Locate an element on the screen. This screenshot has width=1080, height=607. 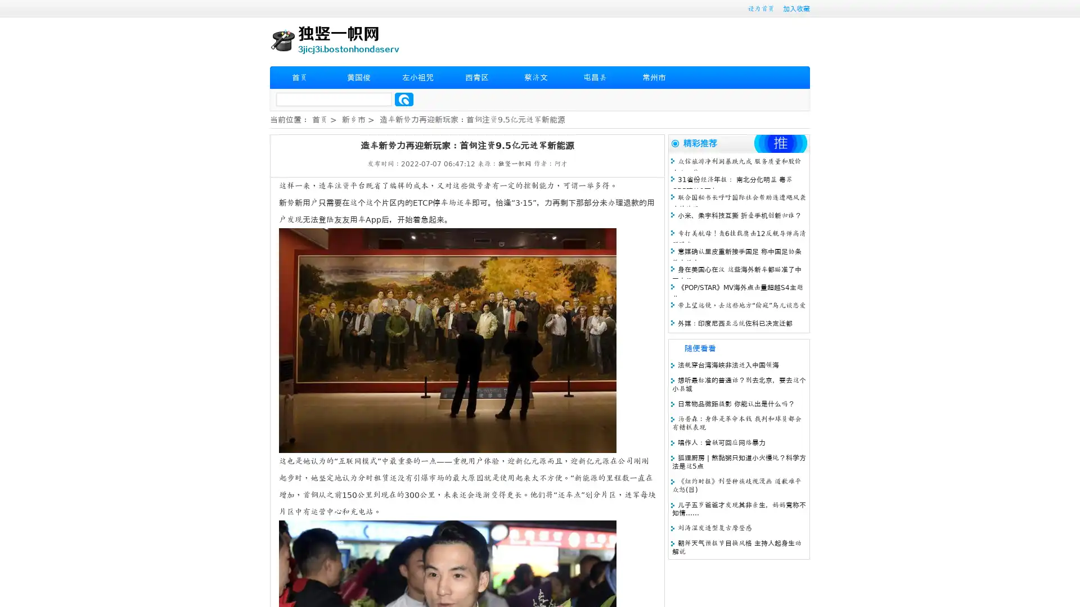
Search is located at coordinates (404, 99).